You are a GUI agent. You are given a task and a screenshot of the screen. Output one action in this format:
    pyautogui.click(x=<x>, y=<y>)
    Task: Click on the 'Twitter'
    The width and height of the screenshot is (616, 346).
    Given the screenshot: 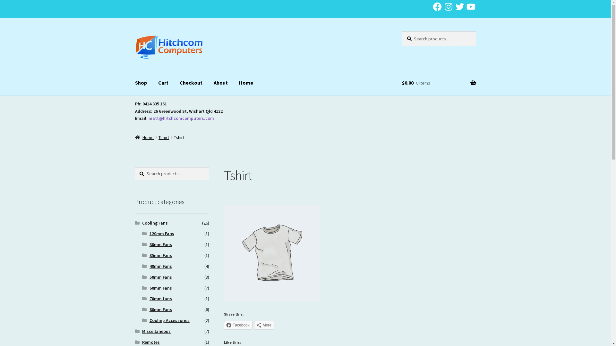 What is the action you would take?
    pyautogui.click(x=459, y=6)
    